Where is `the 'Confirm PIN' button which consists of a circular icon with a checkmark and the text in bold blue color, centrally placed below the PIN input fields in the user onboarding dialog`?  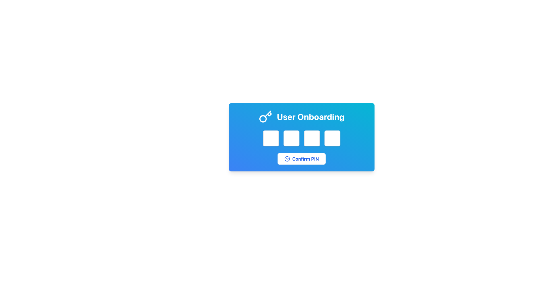
the 'Confirm PIN' button which consists of a circular icon with a checkmark and the text in bold blue color, centrally placed below the PIN input fields in the user onboarding dialog is located at coordinates (301, 159).